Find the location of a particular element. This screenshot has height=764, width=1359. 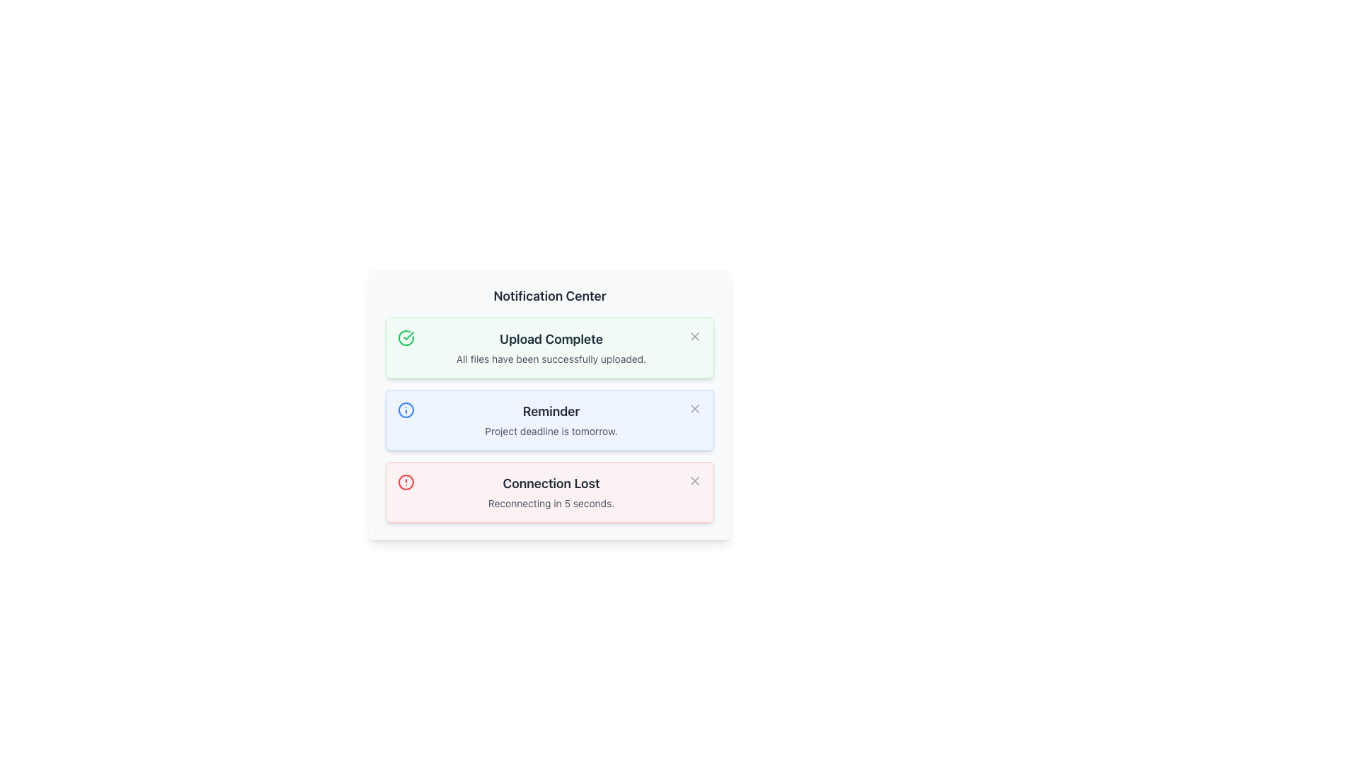

the circular green checkmark icon located in the upper-left corner of the 'Upload Complete' panel within the notification list is located at coordinates (406, 338).